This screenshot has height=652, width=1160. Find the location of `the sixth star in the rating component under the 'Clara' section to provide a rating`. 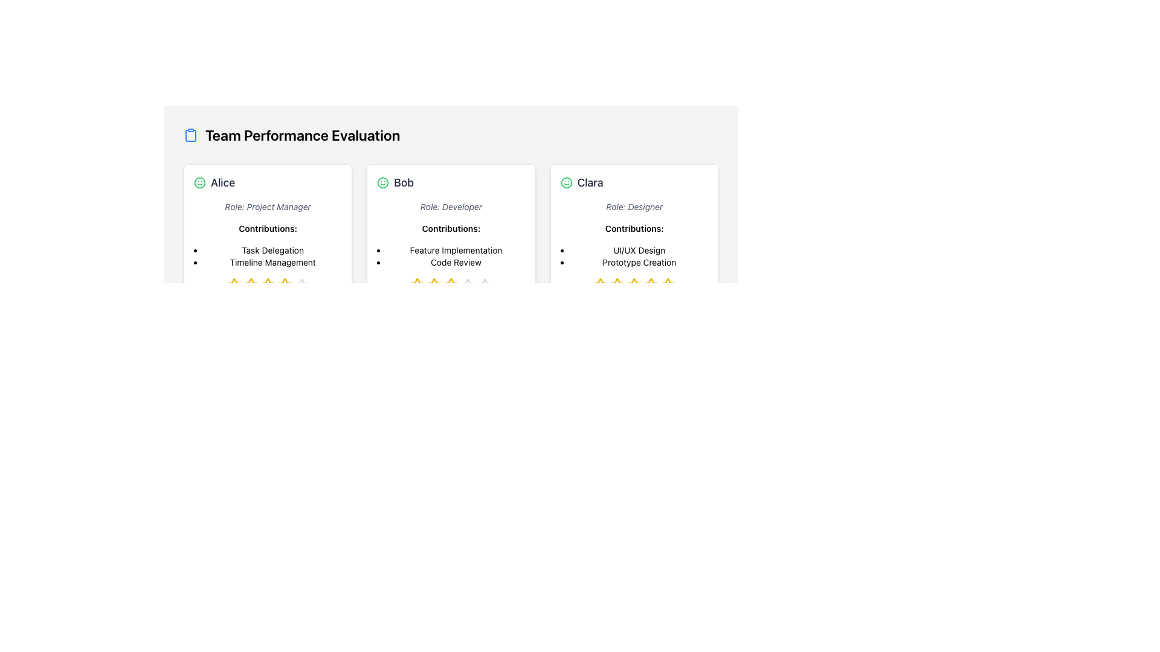

the sixth star in the rating component under the 'Clara' section to provide a rating is located at coordinates (651, 286).